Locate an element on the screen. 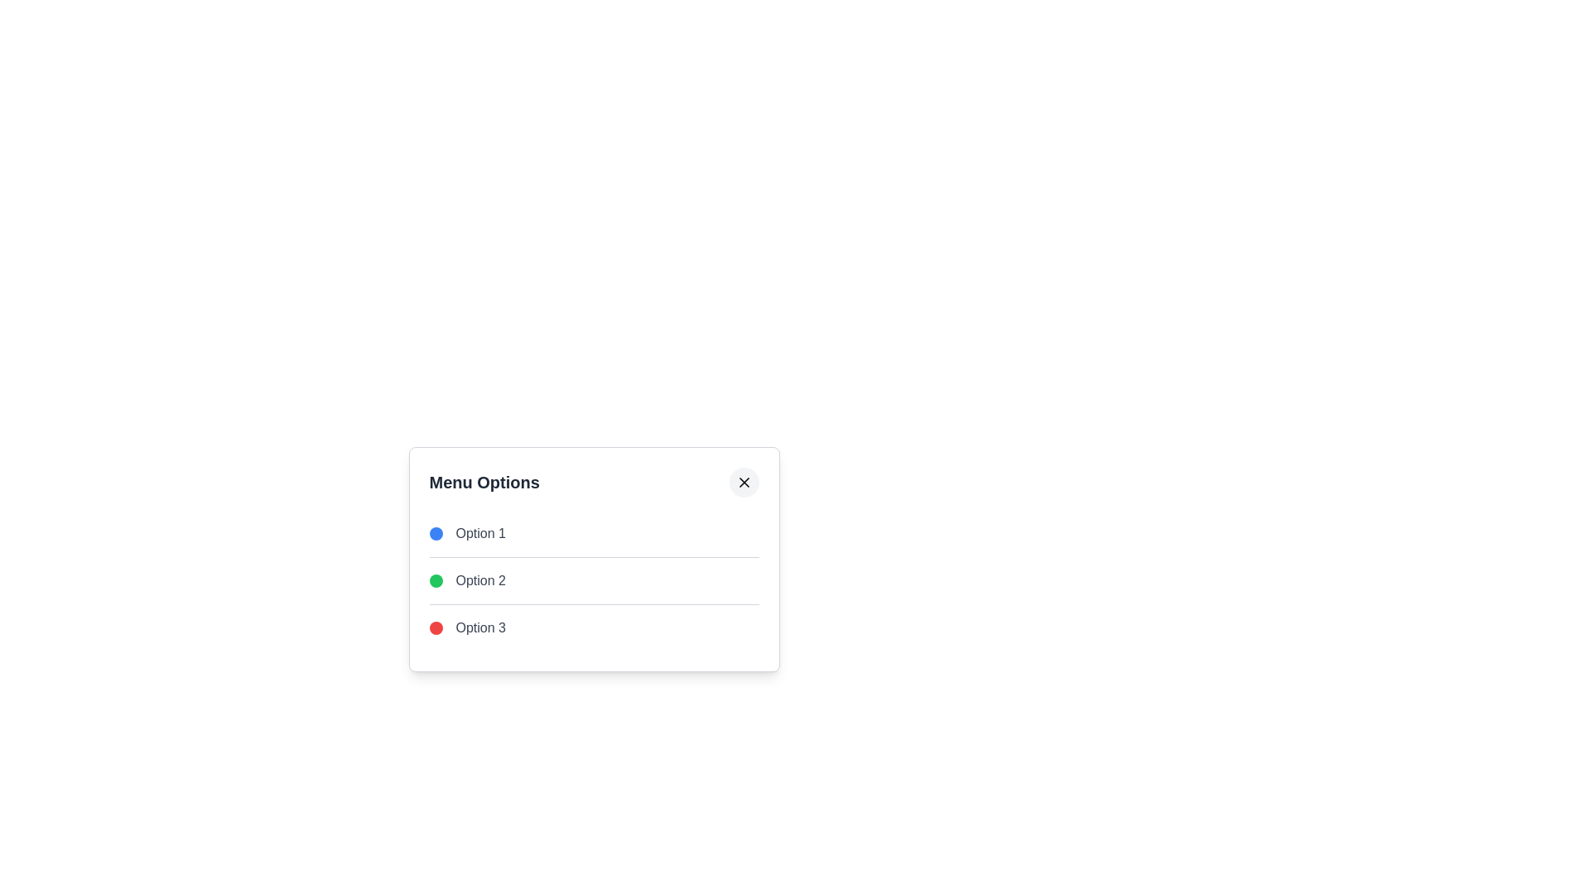  the 'Menu Options' text label, which is a bold, large-sized header in dark gray, prominently displayed at the top-left corner of the menu interface is located at coordinates (484, 482).